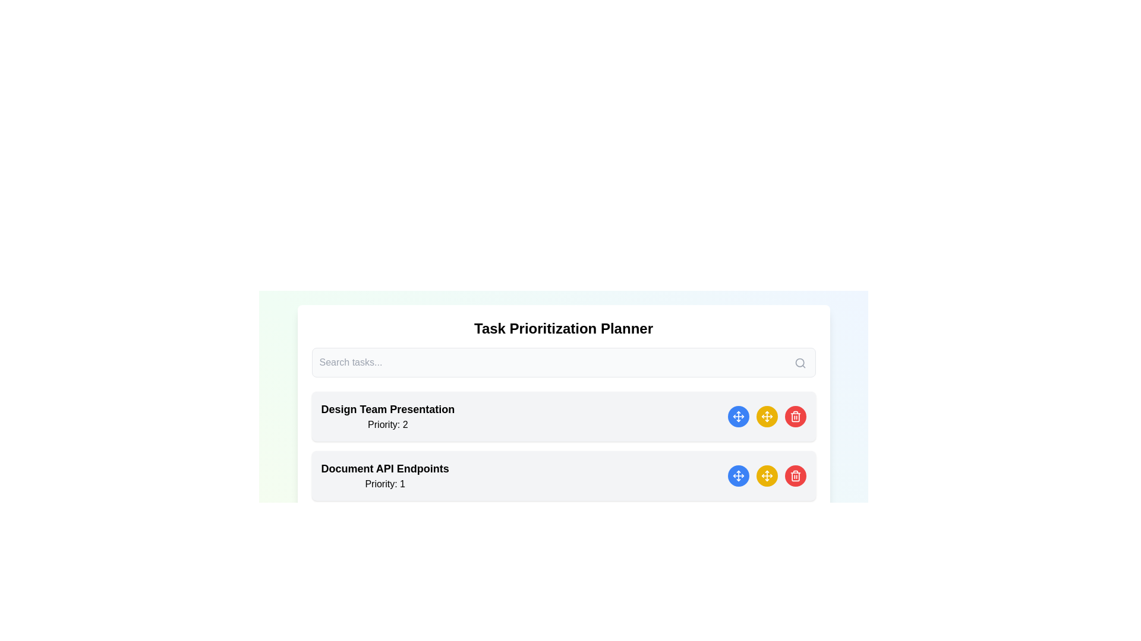  I want to click on the circular button with a yellow background and a white cross icon located at the bottom right corner of the card labeled 'Document API Endpoints Priority: 1' to trigger the hover effect, so click(767, 475).